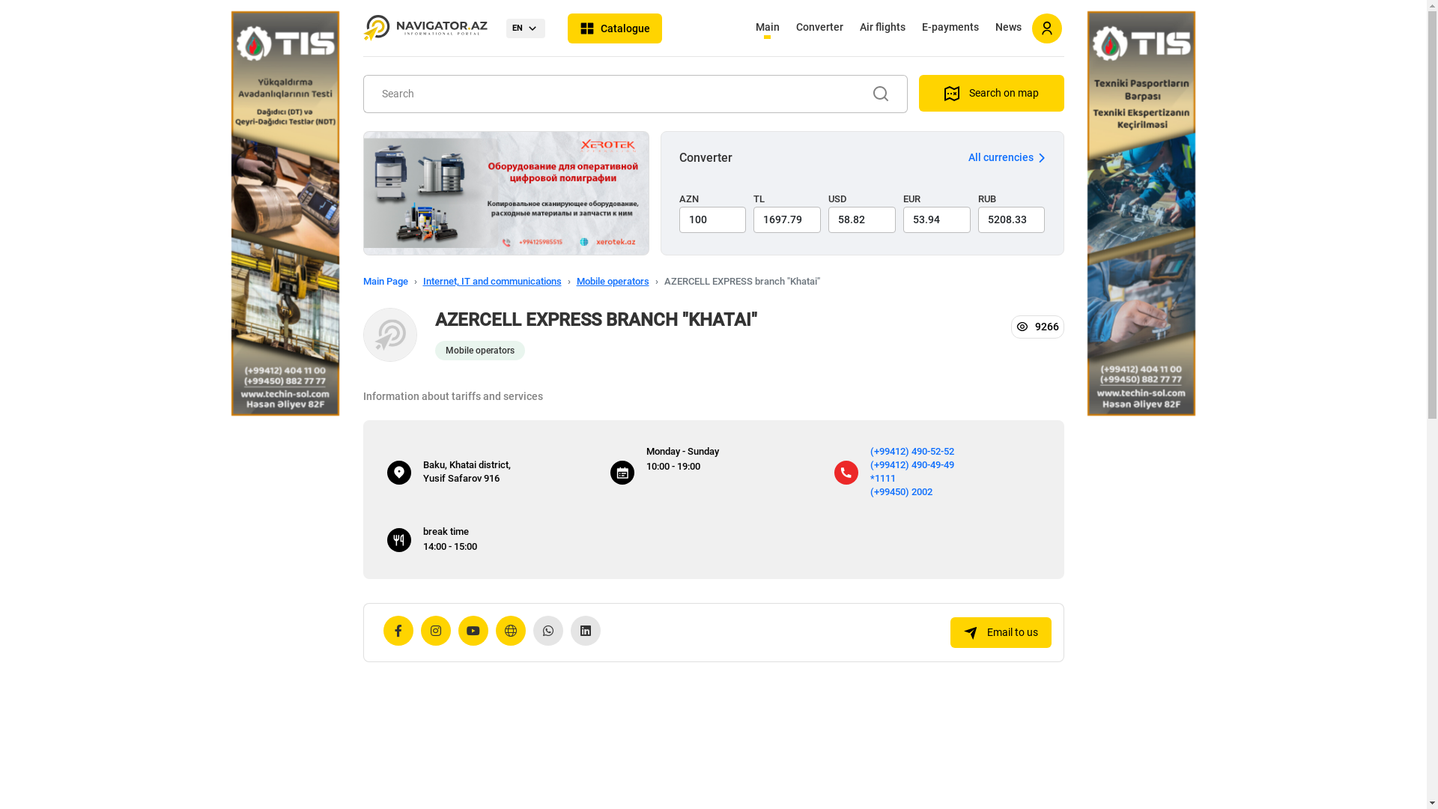 This screenshot has height=809, width=1438. Describe the element at coordinates (882, 28) in the screenshot. I see `'Air flights'` at that location.